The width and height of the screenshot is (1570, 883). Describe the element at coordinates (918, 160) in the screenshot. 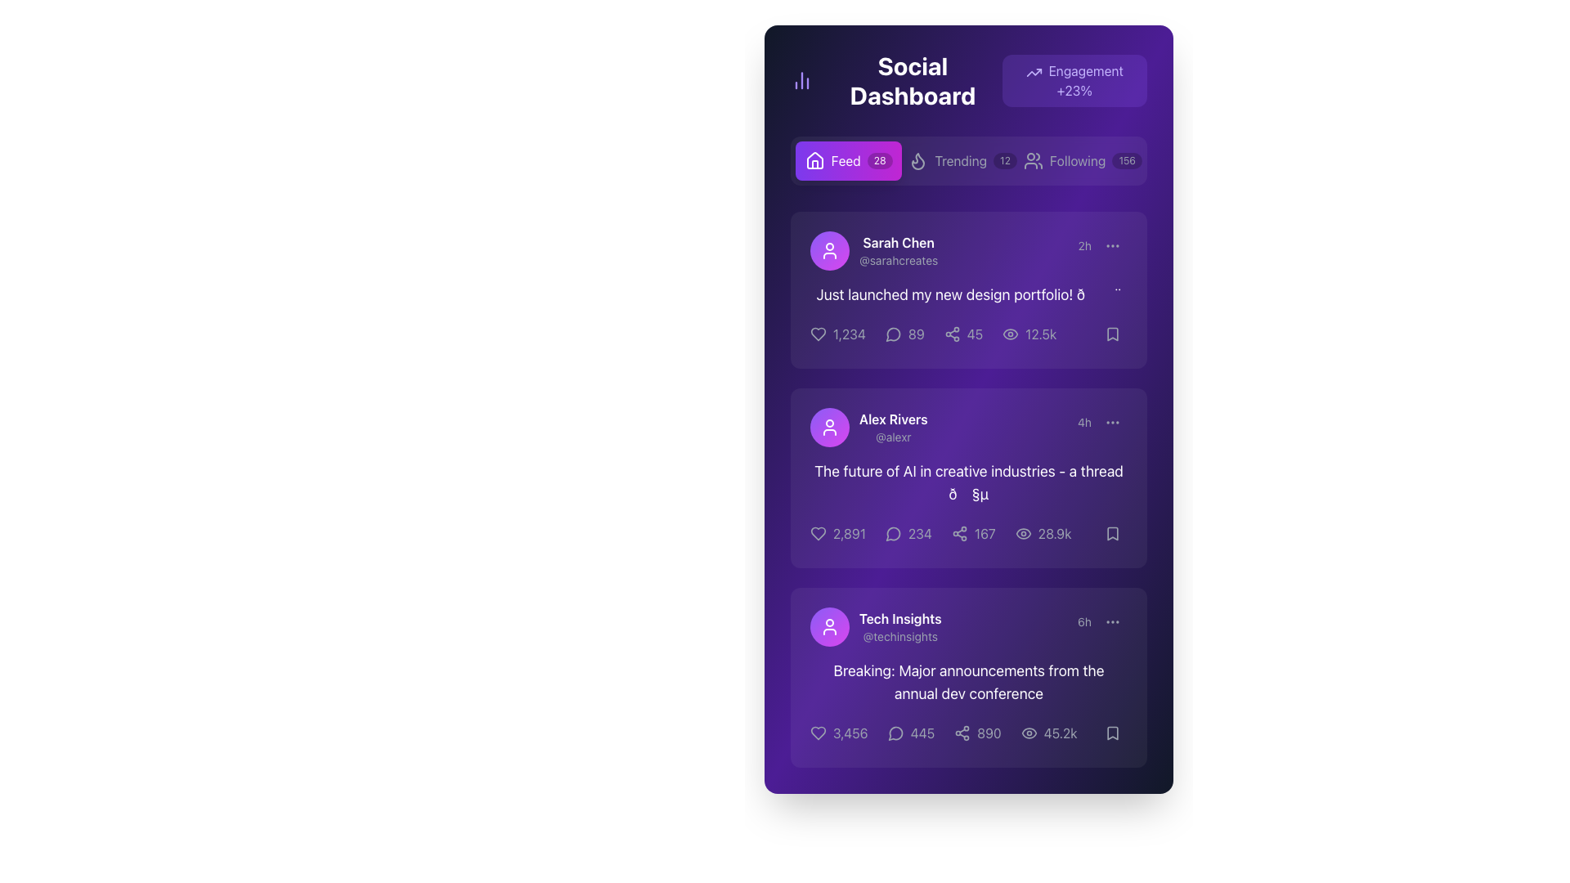

I see `the flame-shaped icon in the top navigation bar, which is the second icon from the left` at that location.